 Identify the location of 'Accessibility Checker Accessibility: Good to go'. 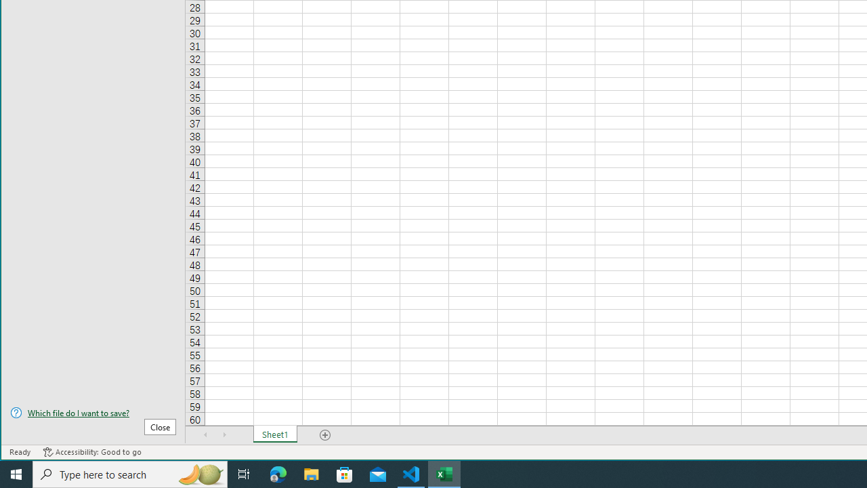
(91, 452).